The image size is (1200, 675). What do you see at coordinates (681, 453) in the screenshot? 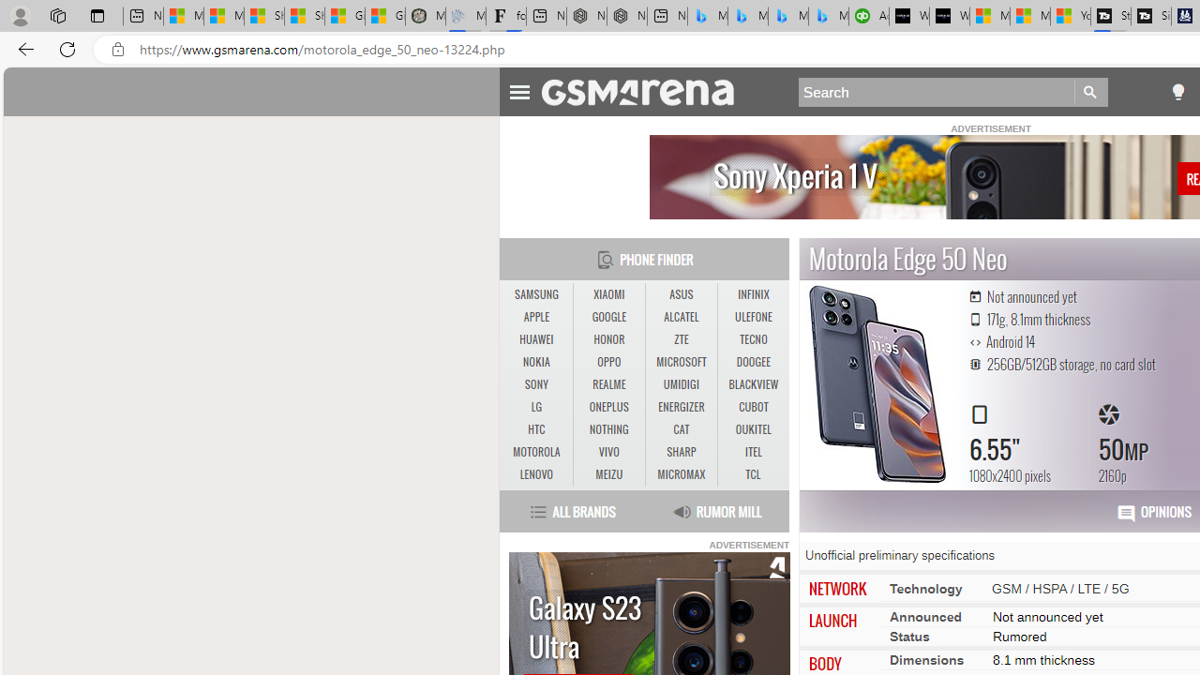
I see `'SHARP'` at bounding box center [681, 453].